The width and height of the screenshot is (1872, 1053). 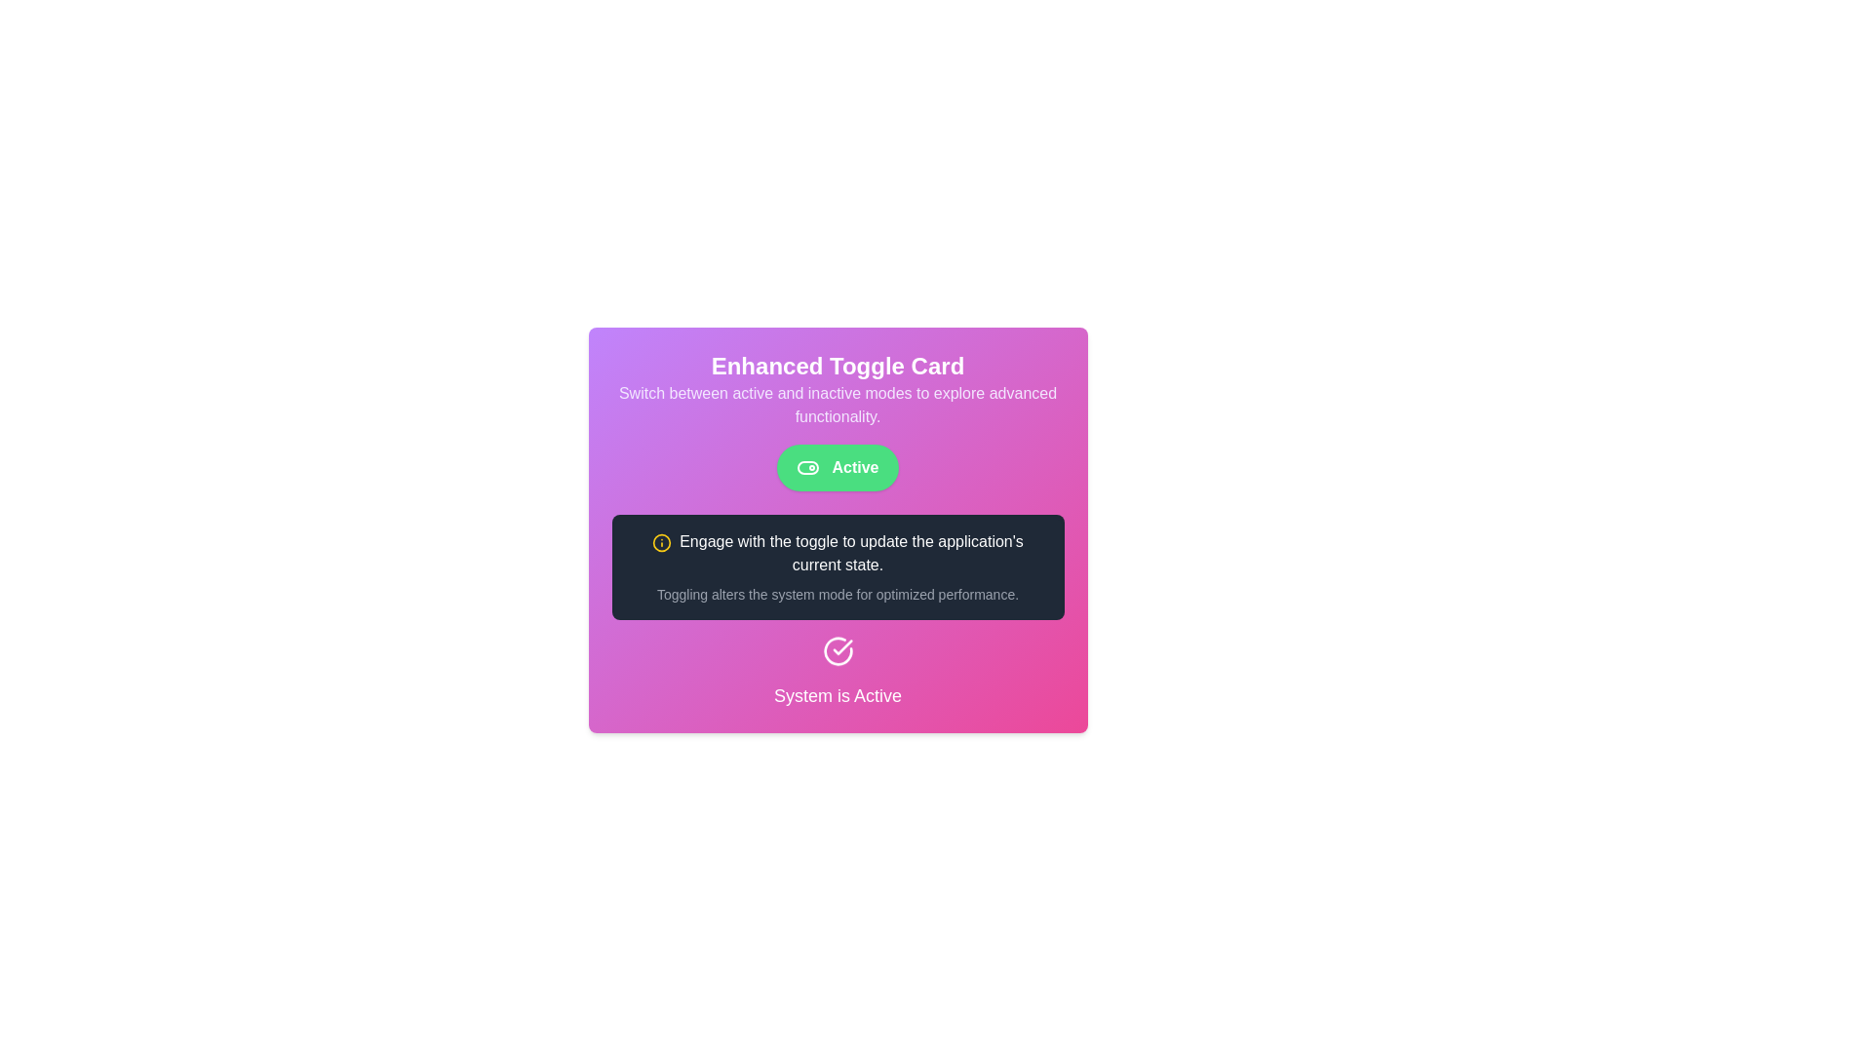 I want to click on the instructional text that provides guidance to engage with the toggle, styled with a white font over a dark background, so click(x=838, y=553).